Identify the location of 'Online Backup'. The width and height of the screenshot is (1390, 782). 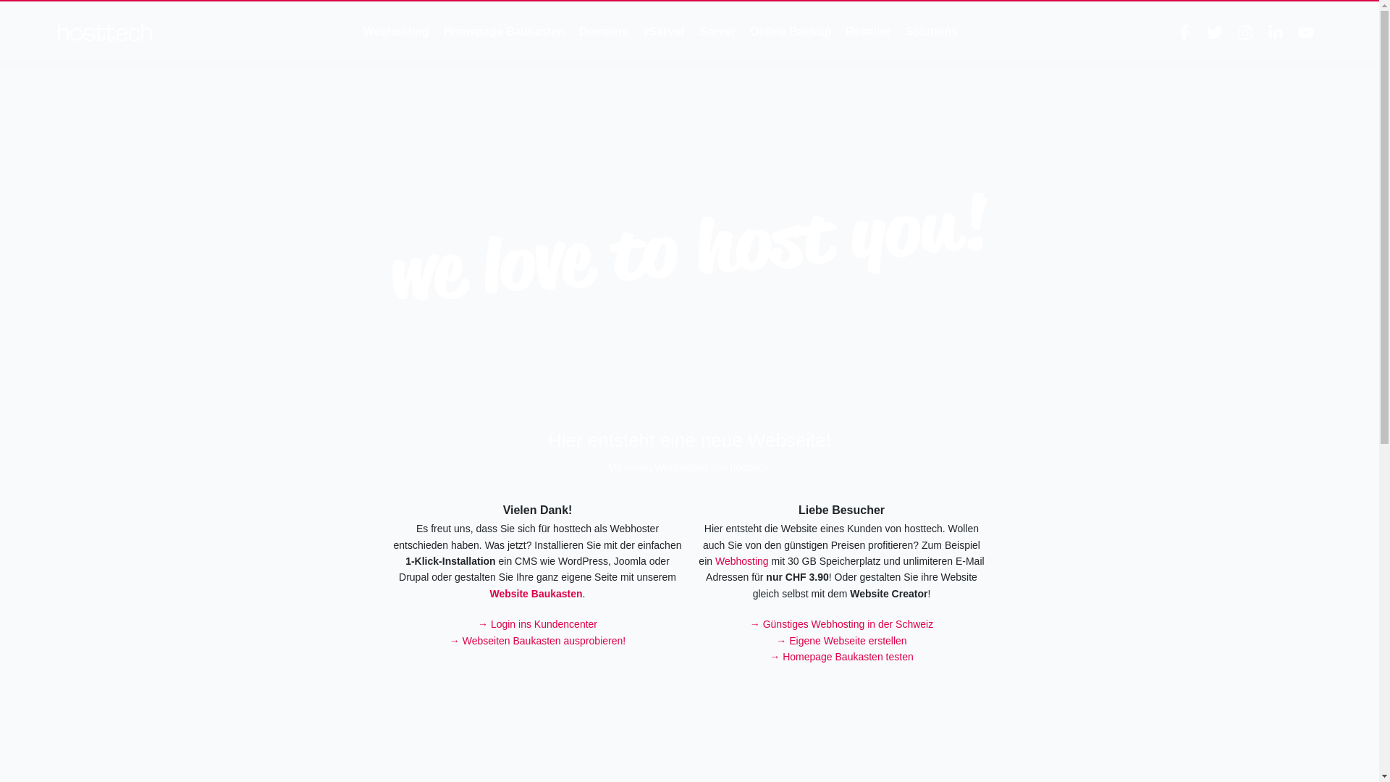
(789, 31).